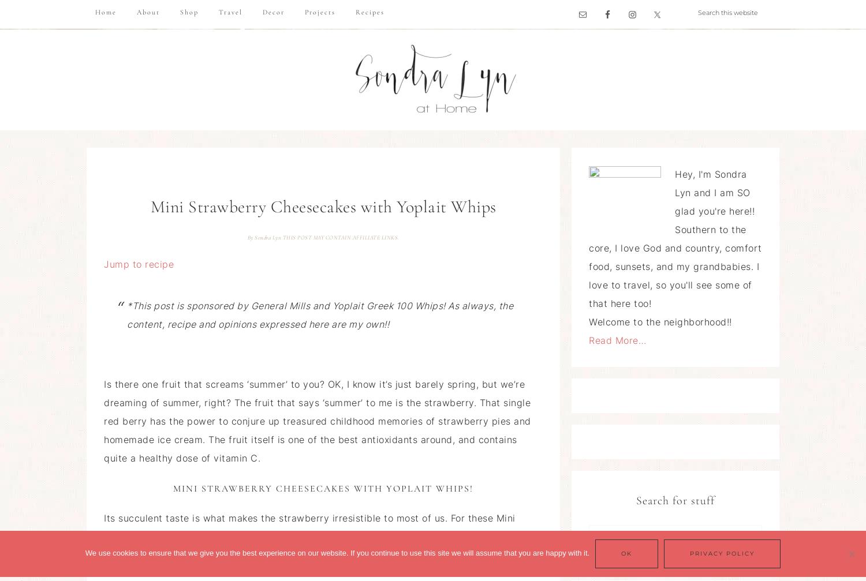  What do you see at coordinates (520, 558) in the screenshot?
I see `'0'` at bounding box center [520, 558].